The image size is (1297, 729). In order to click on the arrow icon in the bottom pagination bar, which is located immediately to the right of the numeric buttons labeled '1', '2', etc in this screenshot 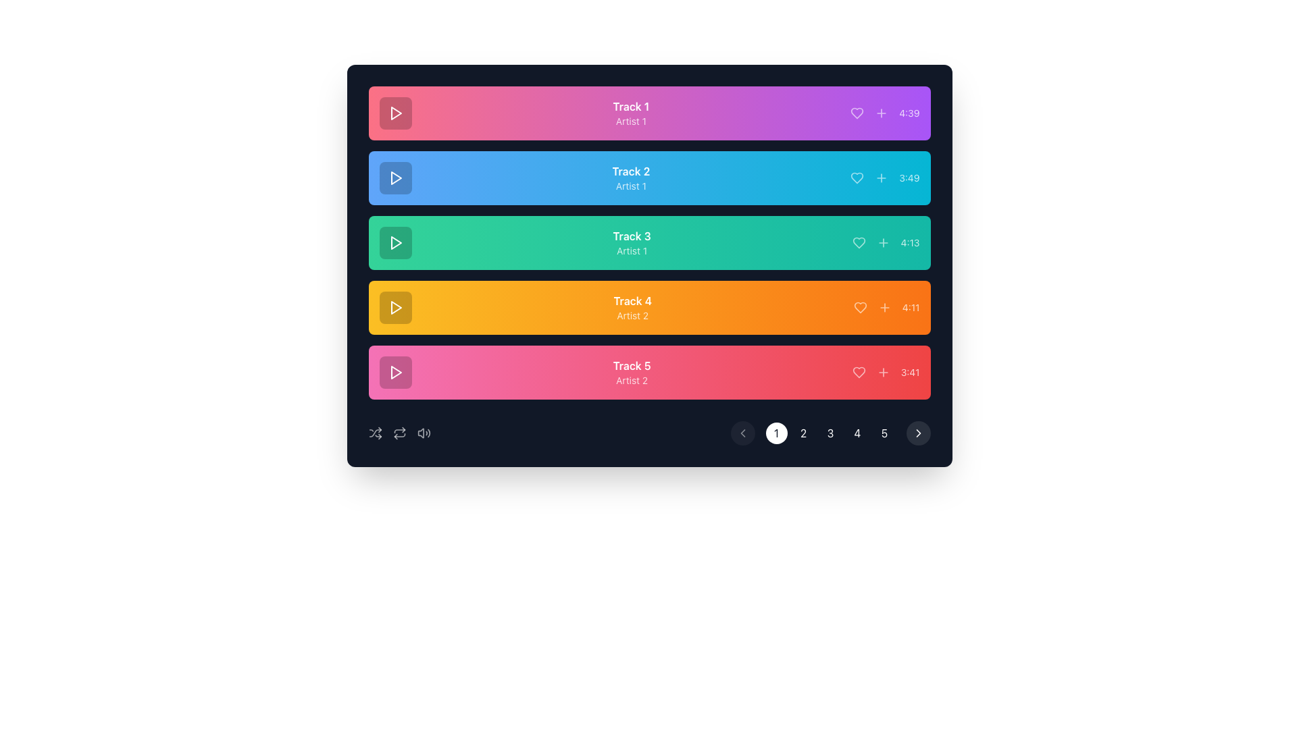, I will do `click(918, 433)`.